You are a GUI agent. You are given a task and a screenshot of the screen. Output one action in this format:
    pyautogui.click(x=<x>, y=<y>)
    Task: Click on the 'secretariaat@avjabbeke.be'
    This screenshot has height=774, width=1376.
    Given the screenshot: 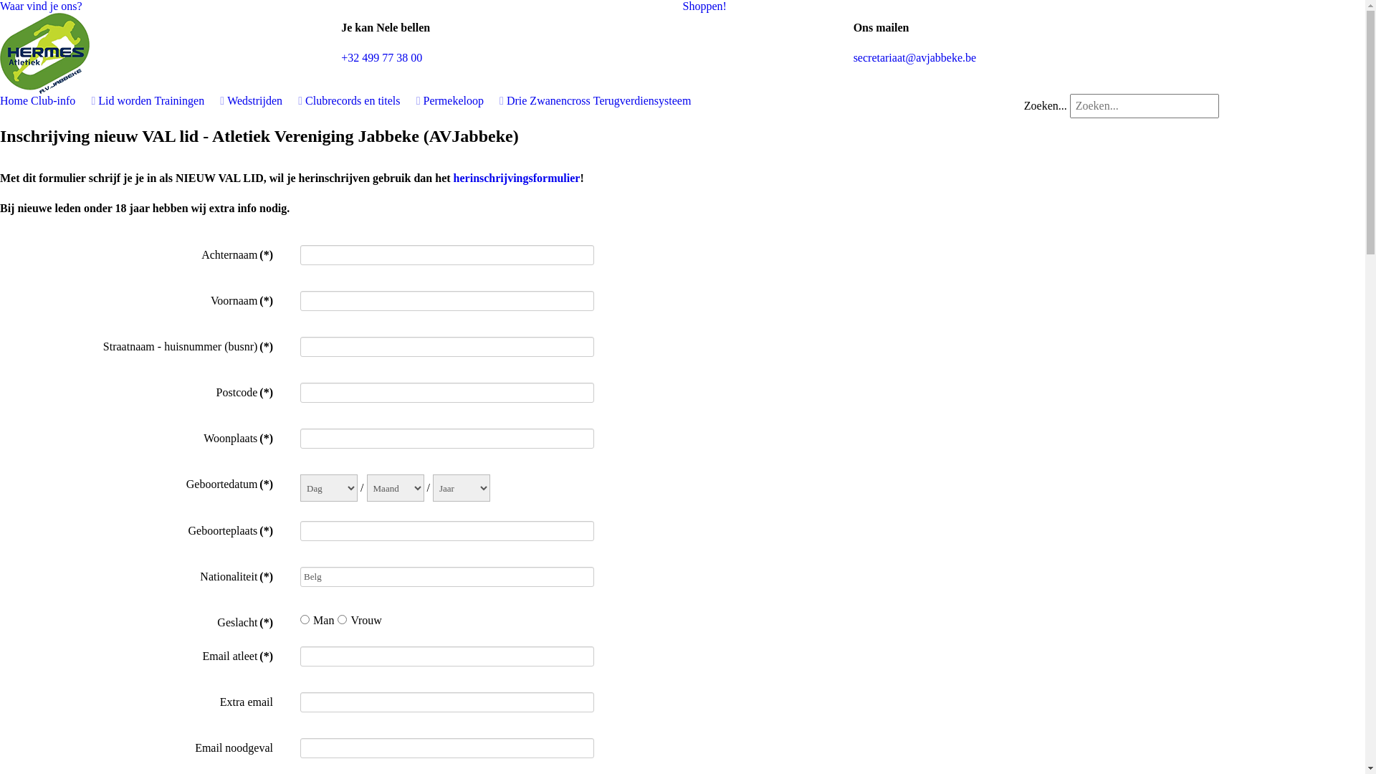 What is the action you would take?
    pyautogui.click(x=914, y=57)
    